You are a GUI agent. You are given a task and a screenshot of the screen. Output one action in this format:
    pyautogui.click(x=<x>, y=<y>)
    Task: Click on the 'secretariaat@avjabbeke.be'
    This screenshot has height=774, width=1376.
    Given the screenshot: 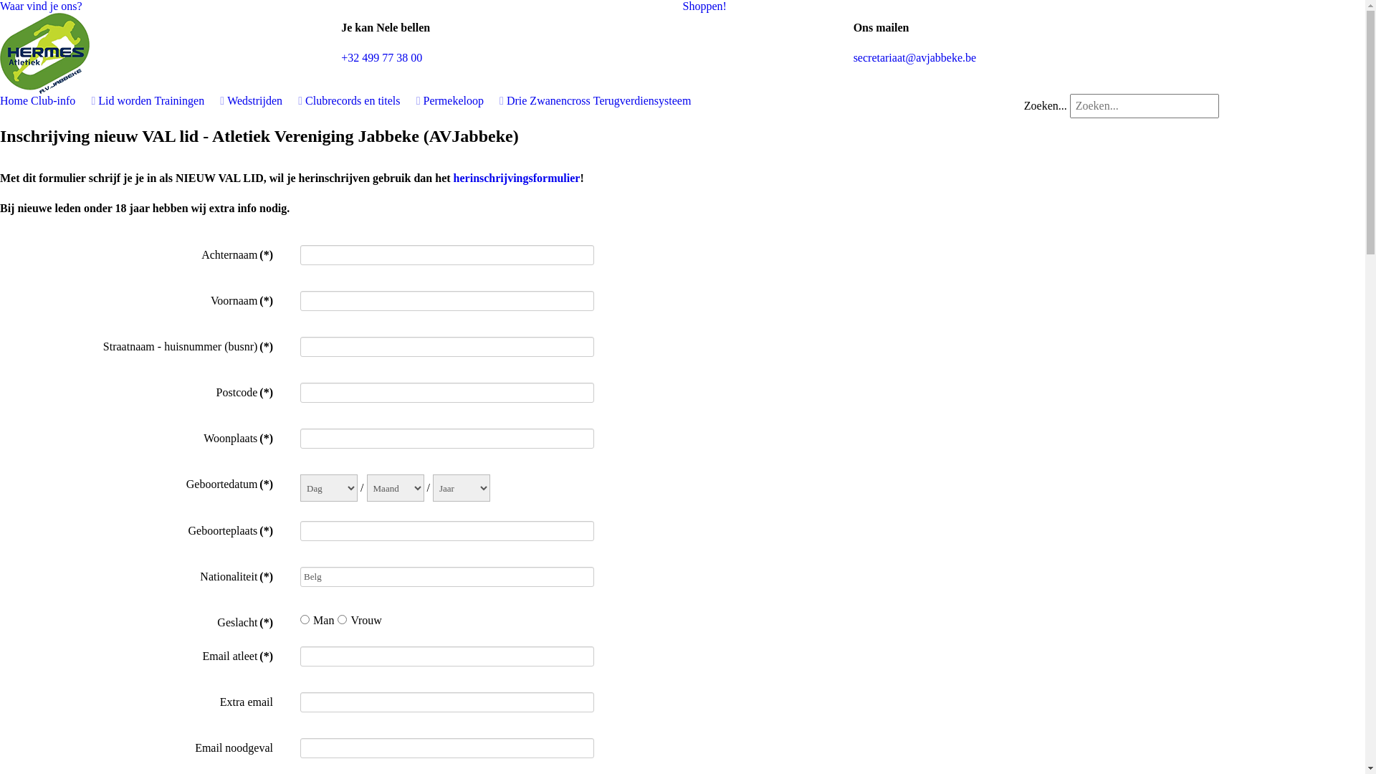 What is the action you would take?
    pyautogui.click(x=914, y=57)
    